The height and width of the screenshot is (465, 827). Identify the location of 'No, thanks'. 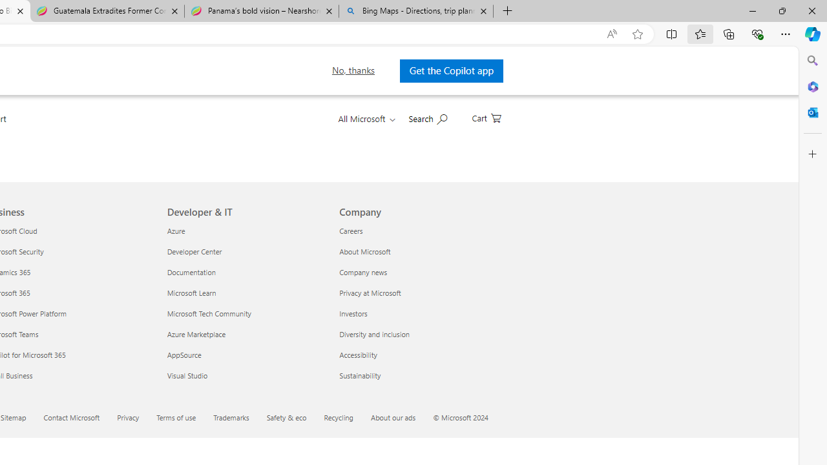
(349, 70).